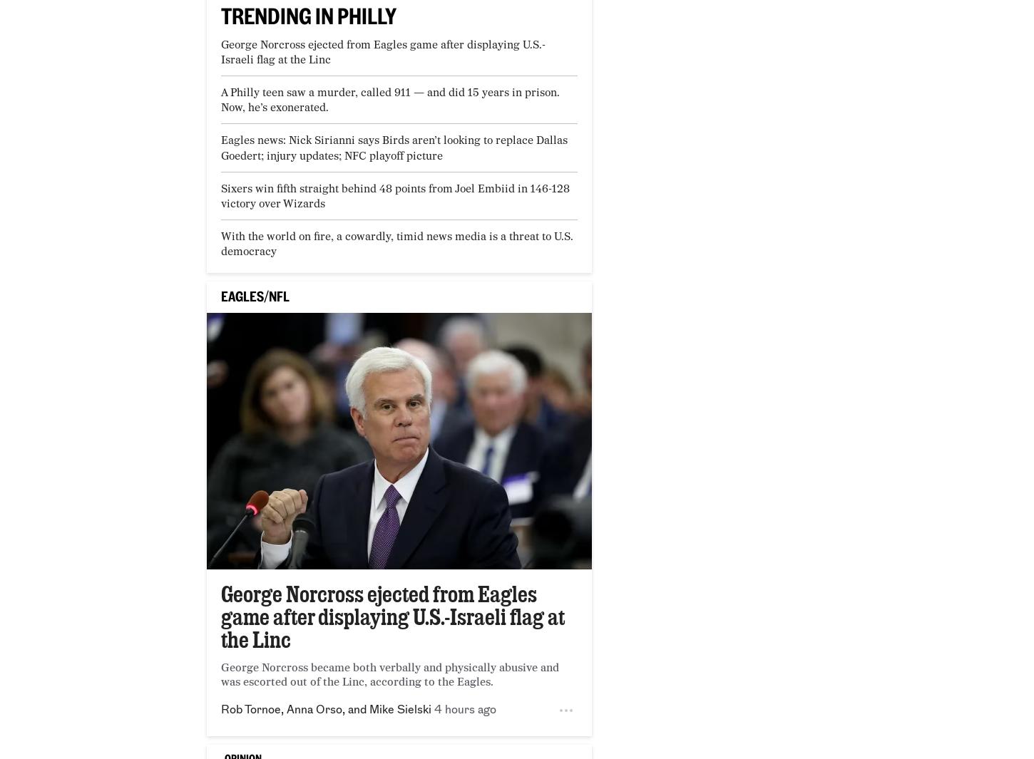  What do you see at coordinates (389, 291) in the screenshot?
I see `'The husband and daughter of a Chester County woman have been charged with abuse and neglect in her death'` at bounding box center [389, 291].